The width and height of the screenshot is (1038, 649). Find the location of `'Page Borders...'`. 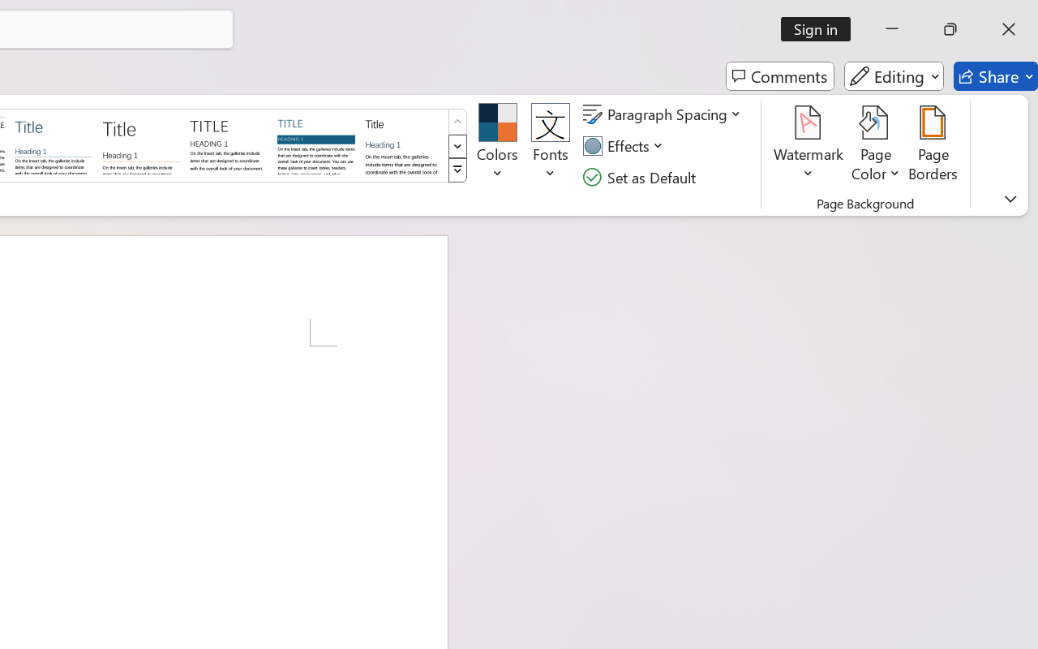

'Page Borders...' is located at coordinates (933, 145).